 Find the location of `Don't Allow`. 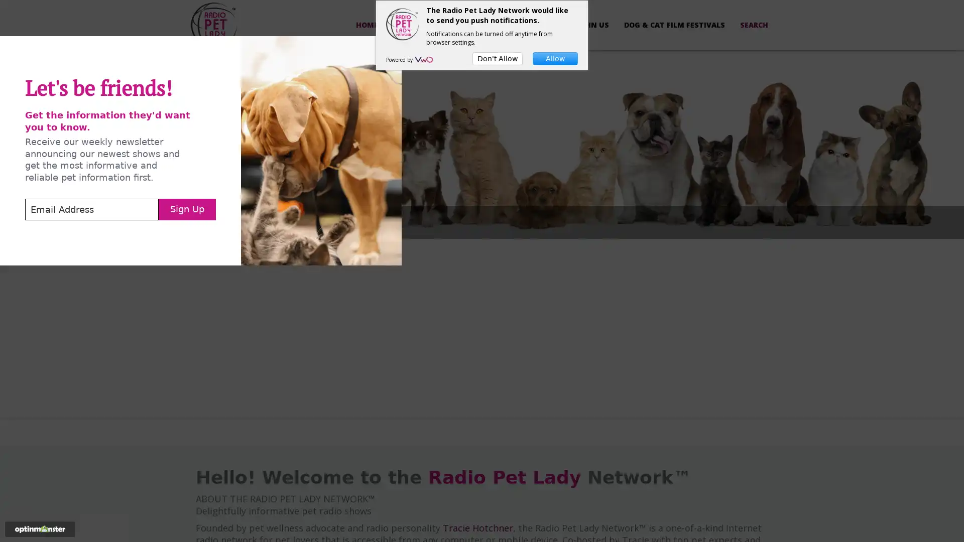

Don't Allow is located at coordinates (497, 58).